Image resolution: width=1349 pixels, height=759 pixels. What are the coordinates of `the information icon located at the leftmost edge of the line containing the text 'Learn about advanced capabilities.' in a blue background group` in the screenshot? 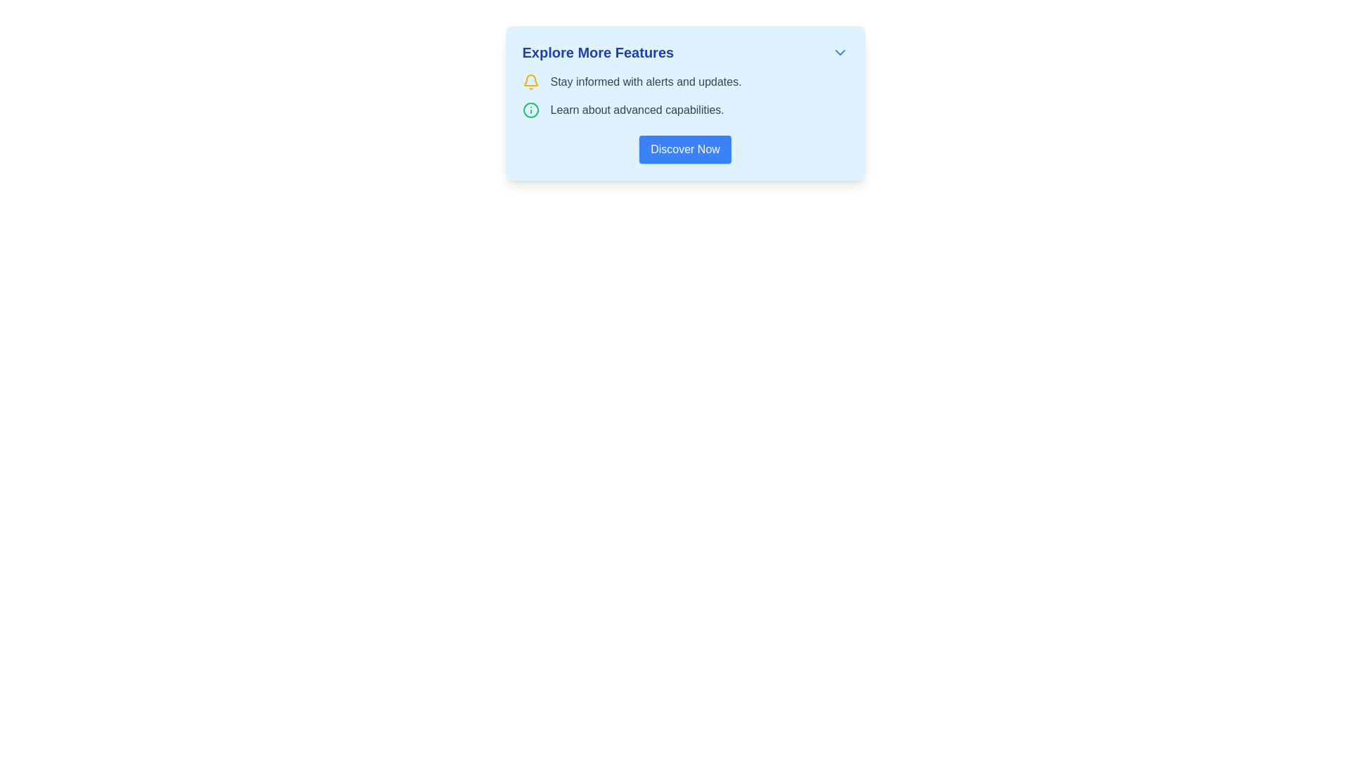 It's located at (530, 110).